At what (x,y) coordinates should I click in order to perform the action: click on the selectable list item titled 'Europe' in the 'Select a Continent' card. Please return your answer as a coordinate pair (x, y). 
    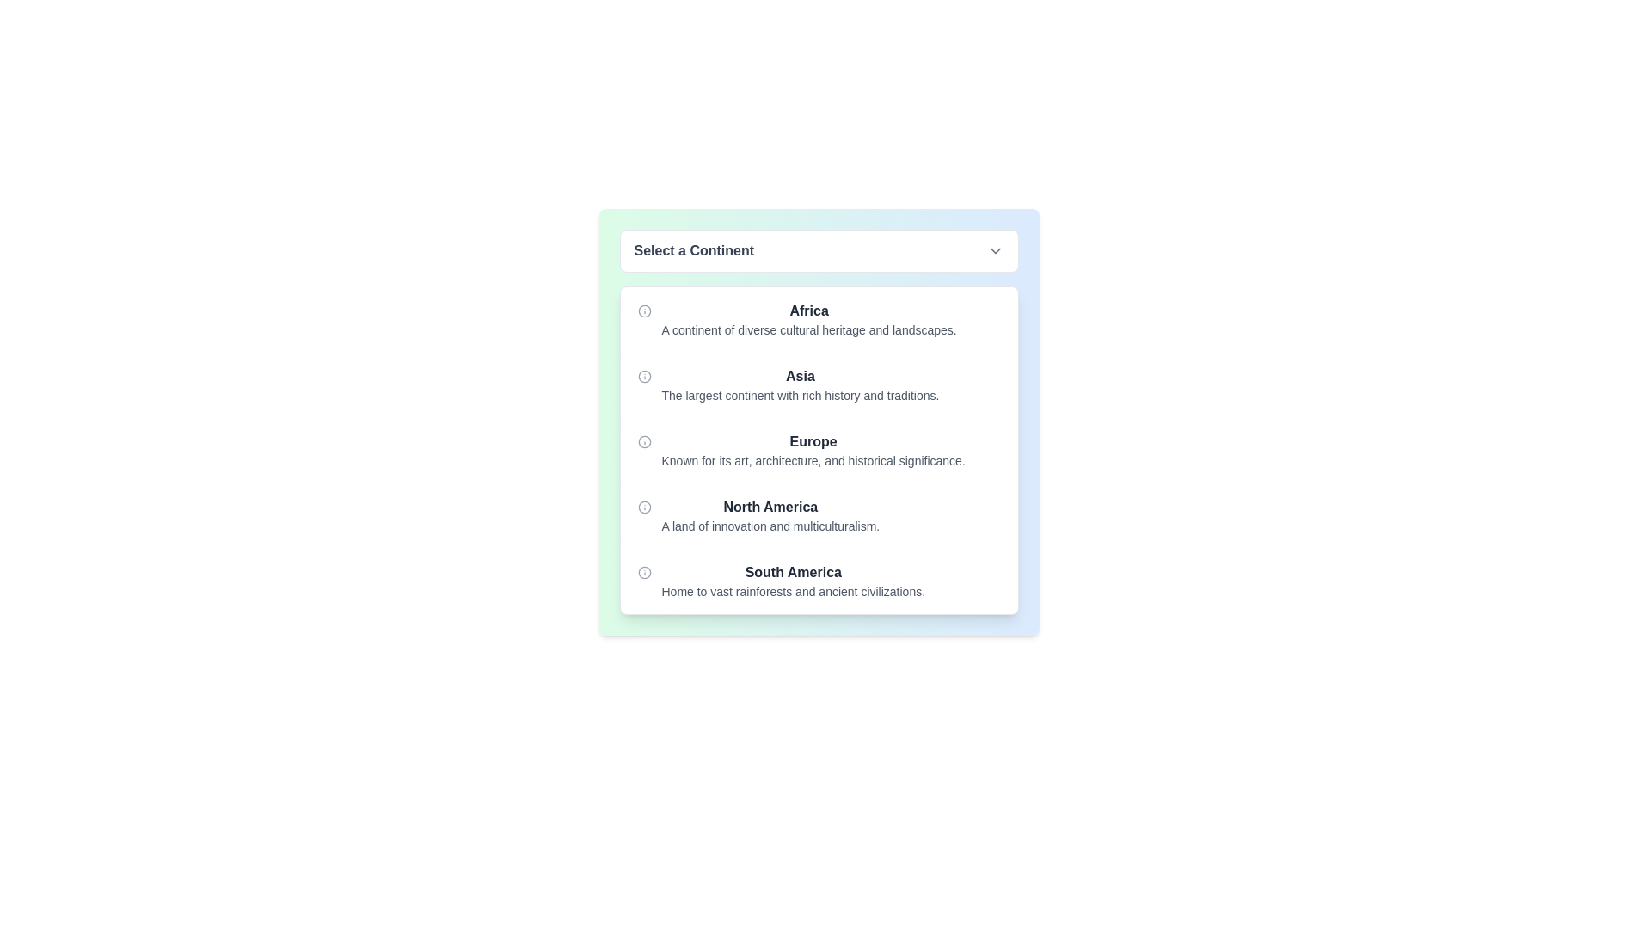
    Looking at the image, I should click on (818, 450).